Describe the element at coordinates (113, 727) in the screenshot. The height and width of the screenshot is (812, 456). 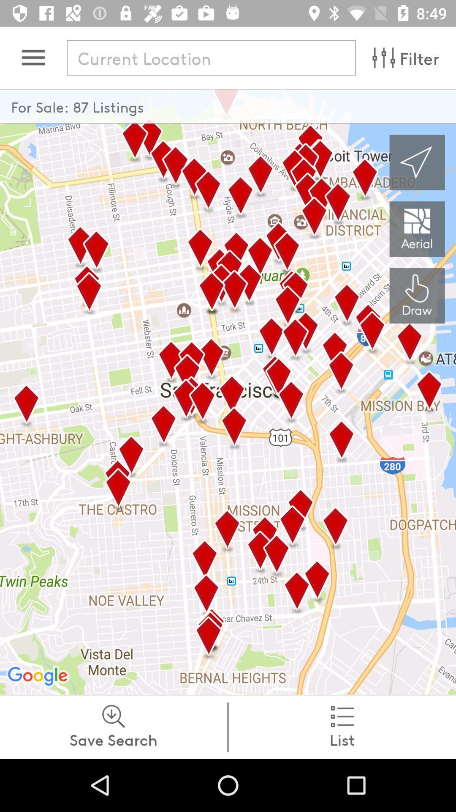
I see `save search item` at that location.